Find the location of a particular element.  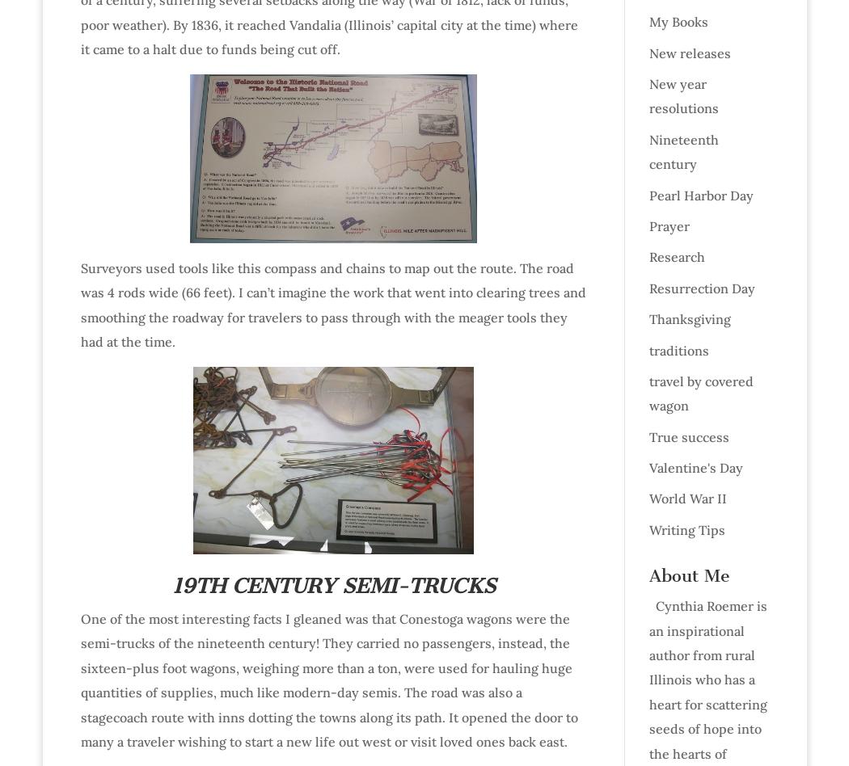

'True success' is located at coordinates (688, 436).